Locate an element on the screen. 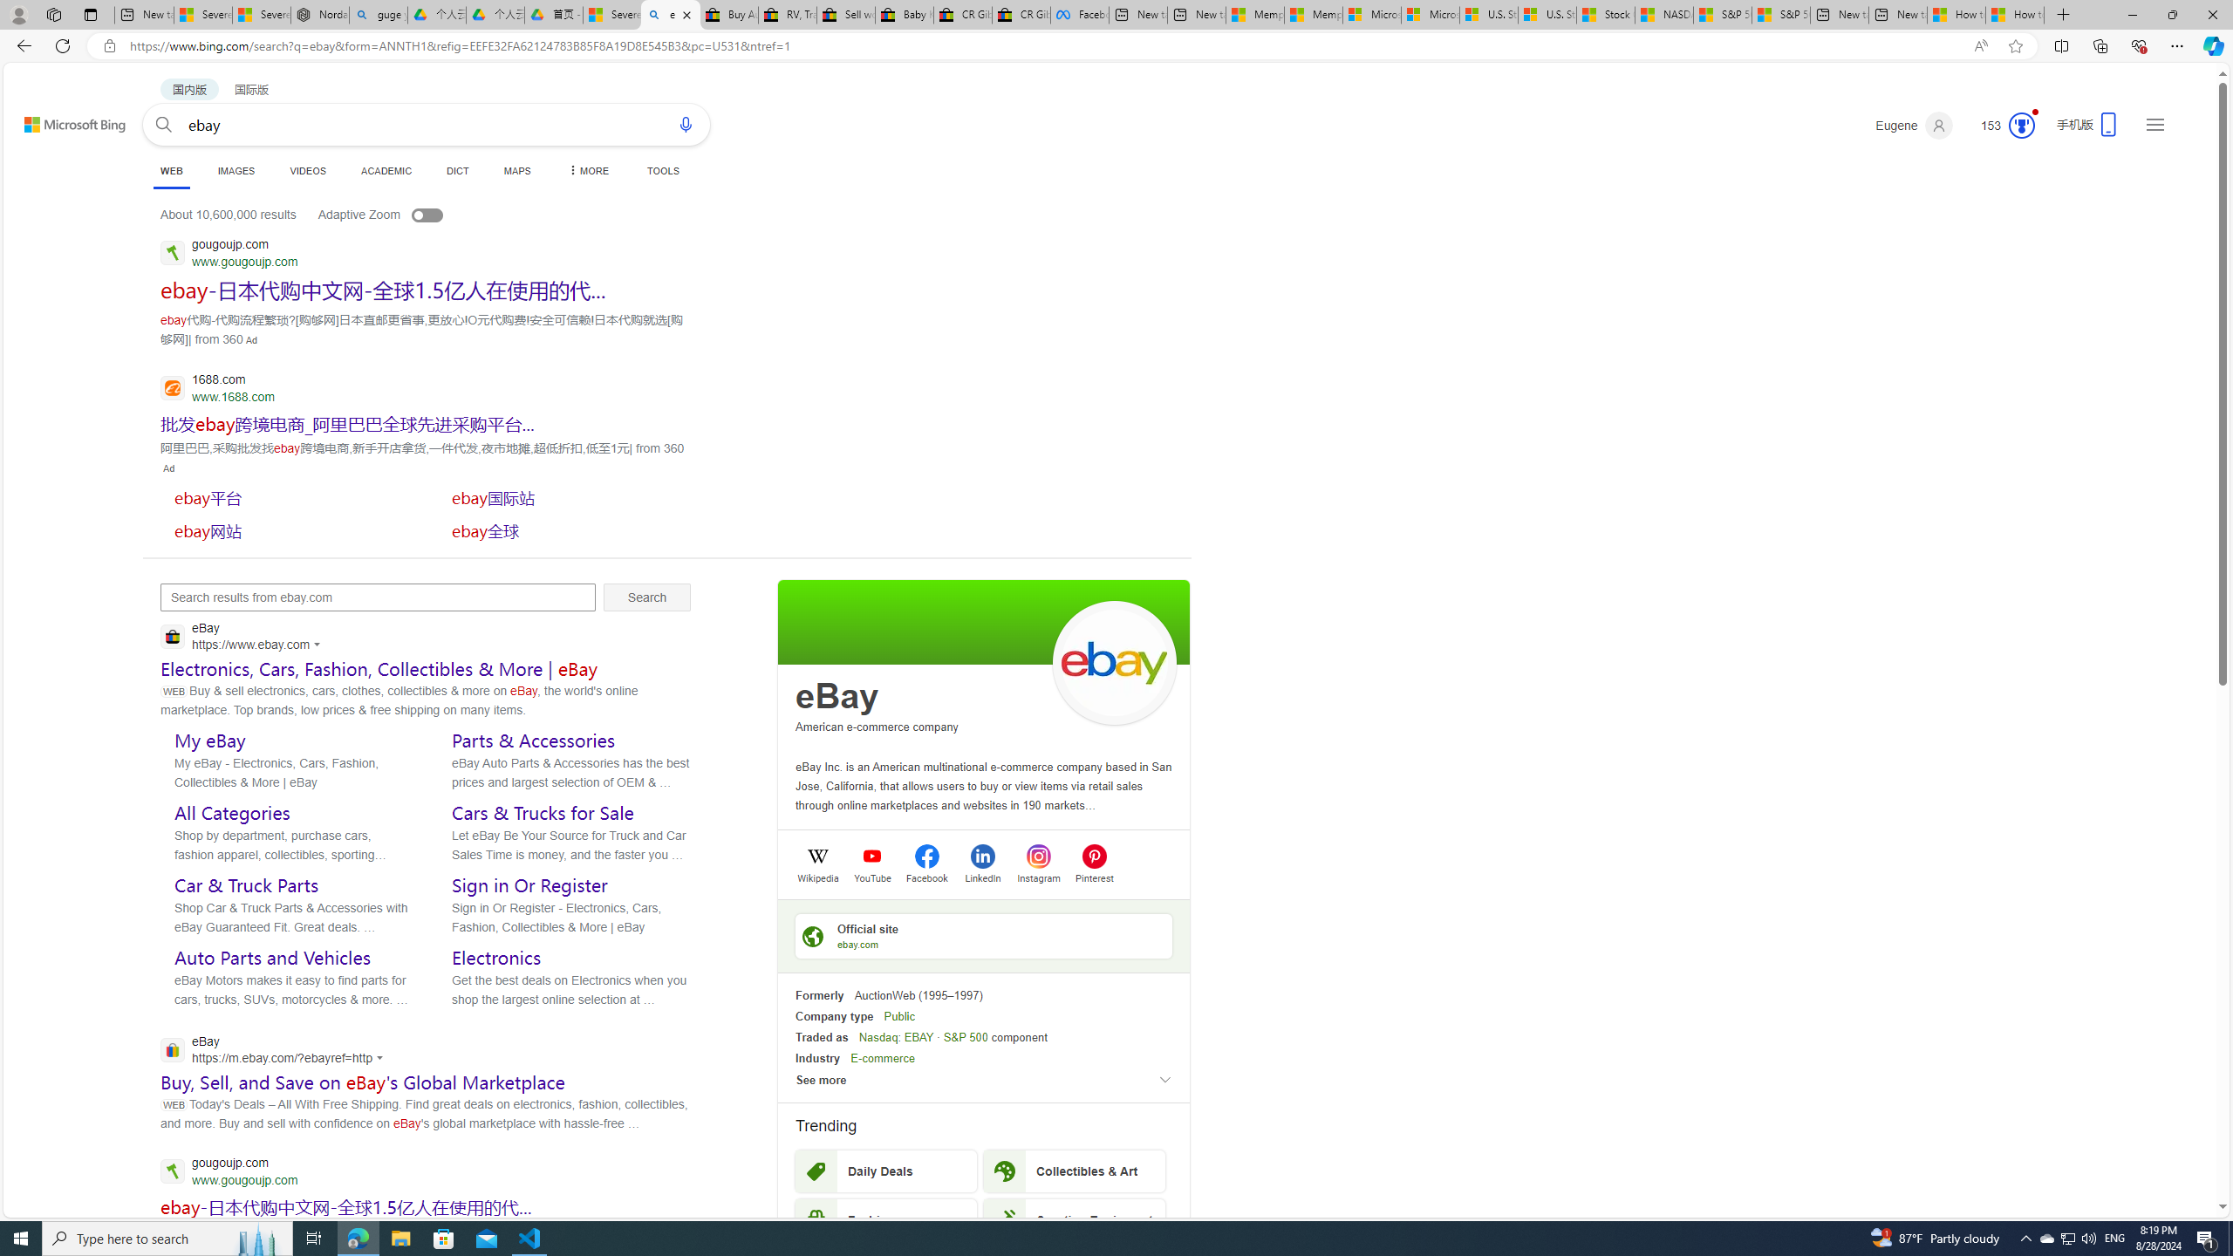  'guge yunpan - Search' is located at coordinates (377, 14).